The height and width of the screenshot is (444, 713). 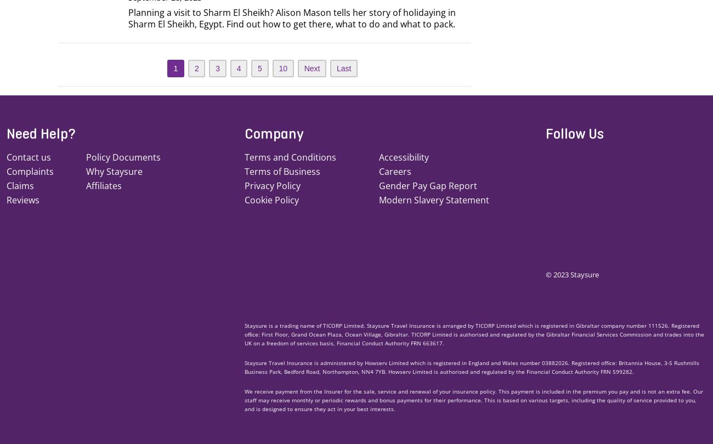 I want to click on 'Terms of Business', so click(x=282, y=170).